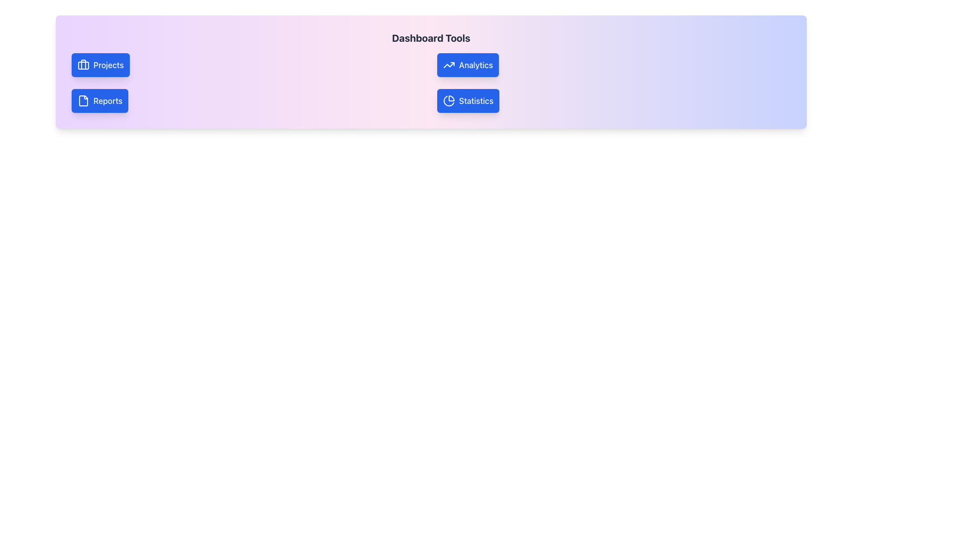 The image size is (955, 537). What do you see at coordinates (468, 101) in the screenshot?
I see `the navigation button located in the second column of the second row under 'Dashboard Tools'` at bounding box center [468, 101].